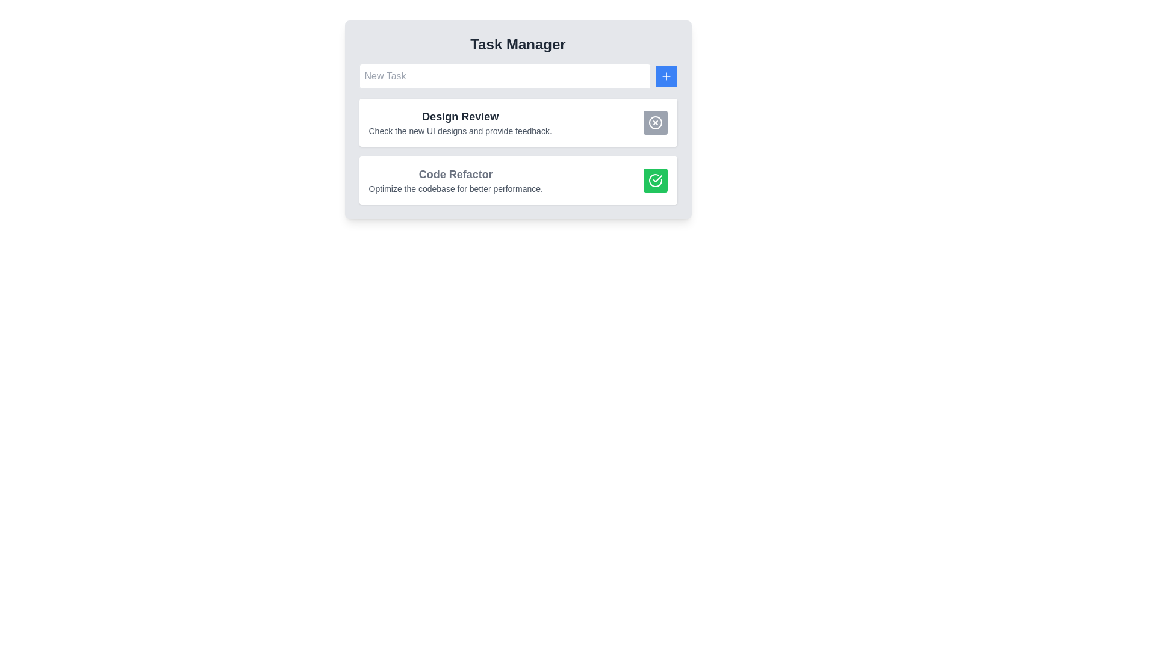 The height and width of the screenshot is (650, 1156). What do you see at coordinates (518, 43) in the screenshot?
I see `the 'Task Manager' text label, which is prominently displayed at the top of the interface with a larger bold font on a gray background` at bounding box center [518, 43].